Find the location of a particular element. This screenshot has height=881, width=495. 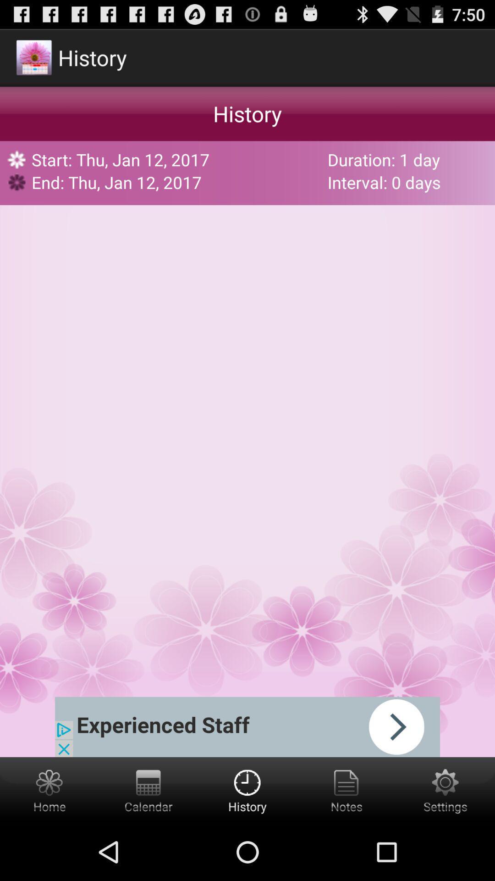

home is located at coordinates (49, 790).